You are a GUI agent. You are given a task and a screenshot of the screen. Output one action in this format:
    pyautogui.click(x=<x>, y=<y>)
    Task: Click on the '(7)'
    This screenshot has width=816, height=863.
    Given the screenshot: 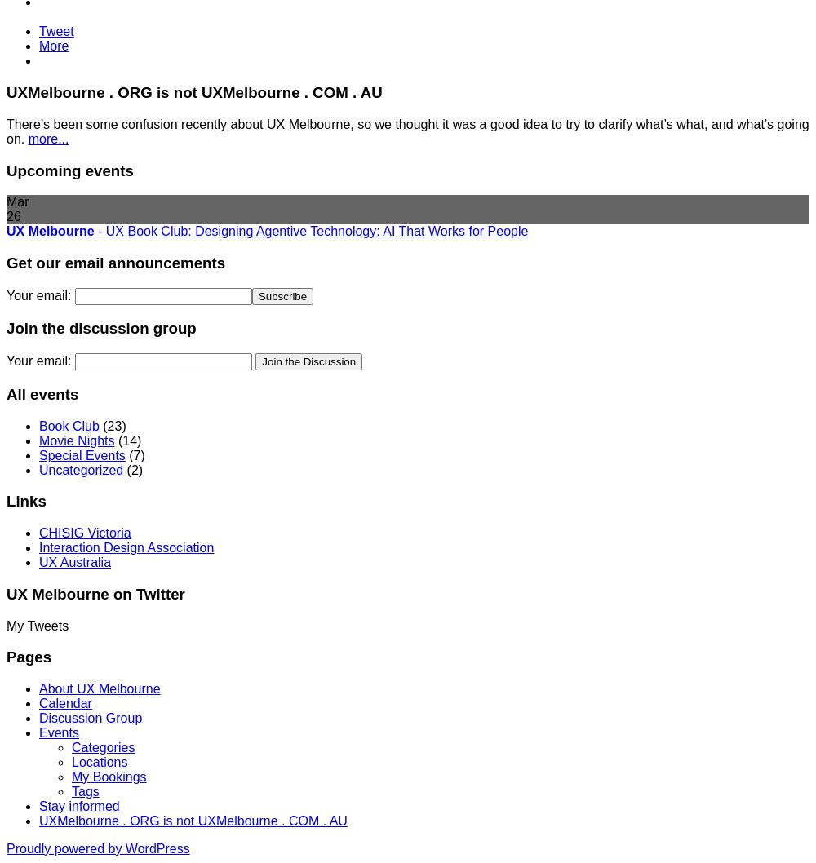 What is the action you would take?
    pyautogui.click(x=135, y=454)
    